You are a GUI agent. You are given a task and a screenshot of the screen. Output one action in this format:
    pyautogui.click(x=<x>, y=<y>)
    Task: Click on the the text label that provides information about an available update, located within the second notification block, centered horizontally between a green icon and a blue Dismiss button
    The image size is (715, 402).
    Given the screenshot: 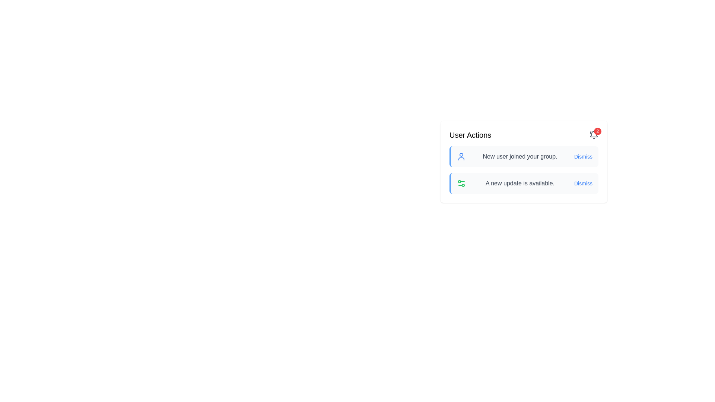 What is the action you would take?
    pyautogui.click(x=519, y=184)
    